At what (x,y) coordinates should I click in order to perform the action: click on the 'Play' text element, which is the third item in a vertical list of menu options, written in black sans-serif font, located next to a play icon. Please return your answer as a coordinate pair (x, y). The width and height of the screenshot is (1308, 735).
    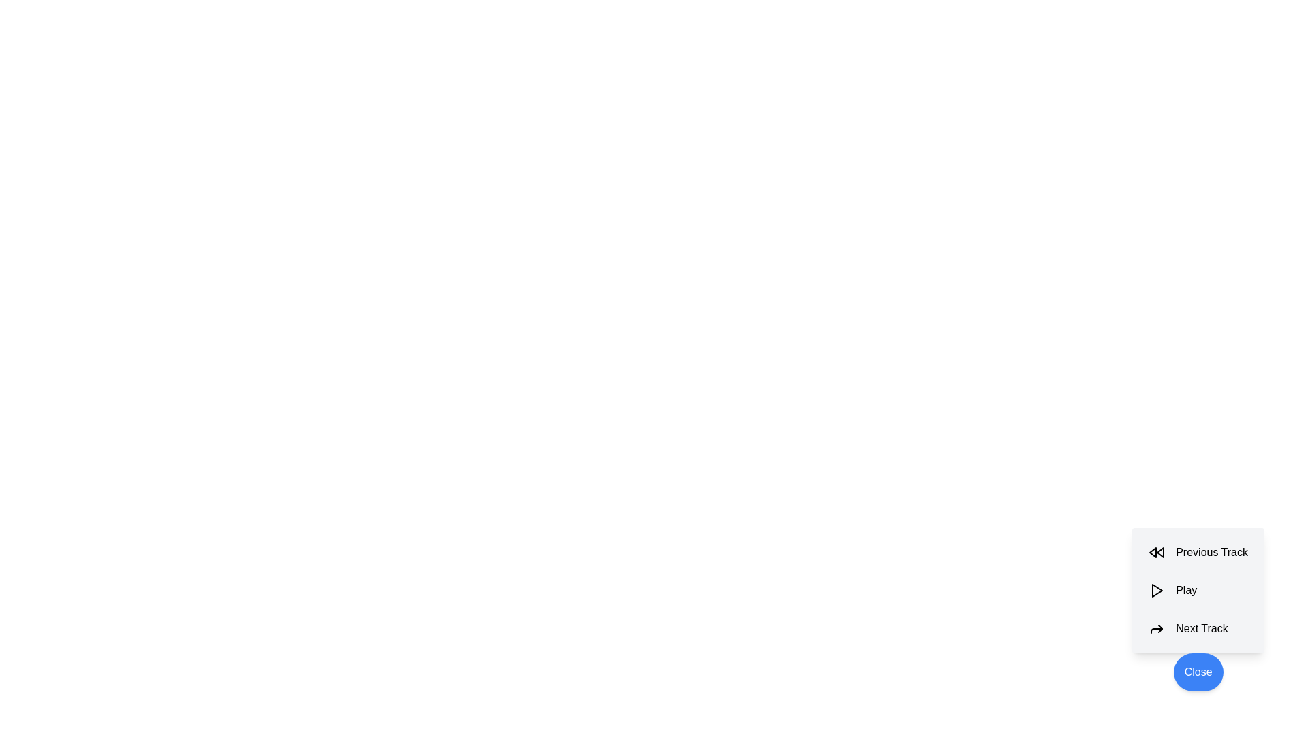
    Looking at the image, I should click on (1185, 589).